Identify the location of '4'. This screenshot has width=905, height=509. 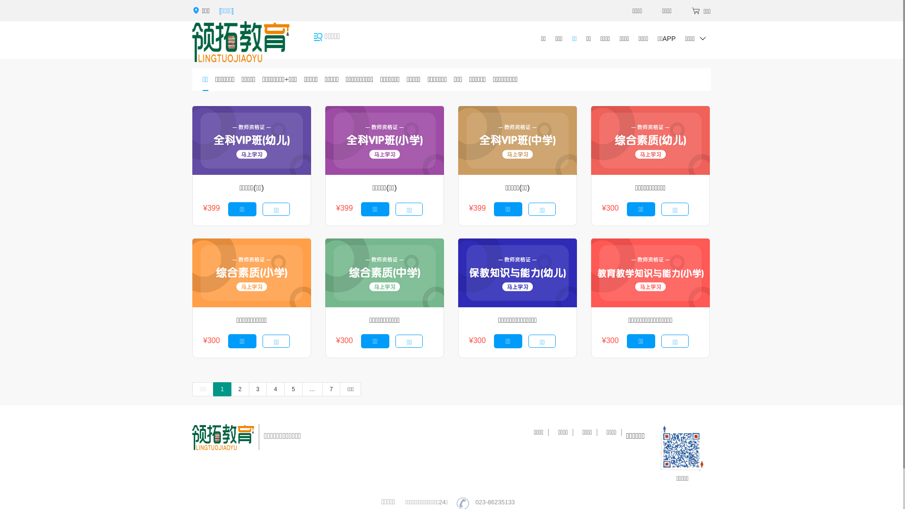
(275, 389).